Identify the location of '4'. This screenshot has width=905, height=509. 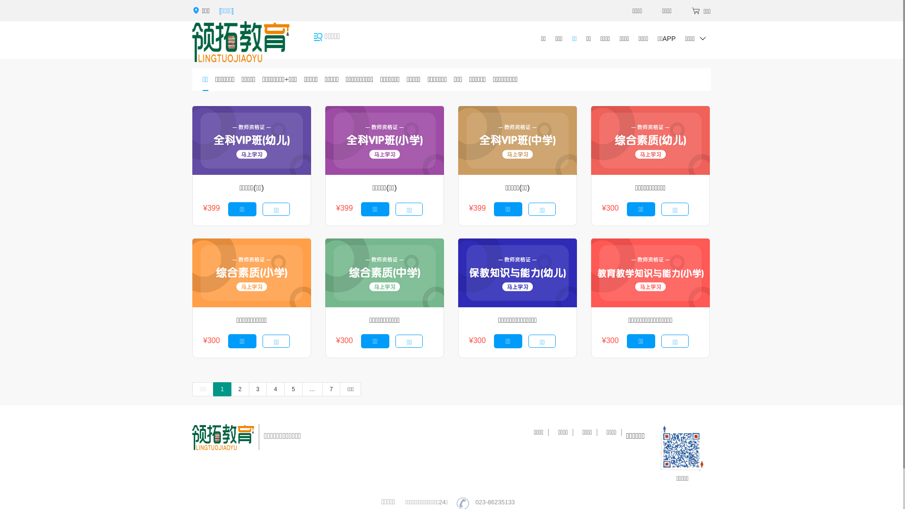
(275, 389).